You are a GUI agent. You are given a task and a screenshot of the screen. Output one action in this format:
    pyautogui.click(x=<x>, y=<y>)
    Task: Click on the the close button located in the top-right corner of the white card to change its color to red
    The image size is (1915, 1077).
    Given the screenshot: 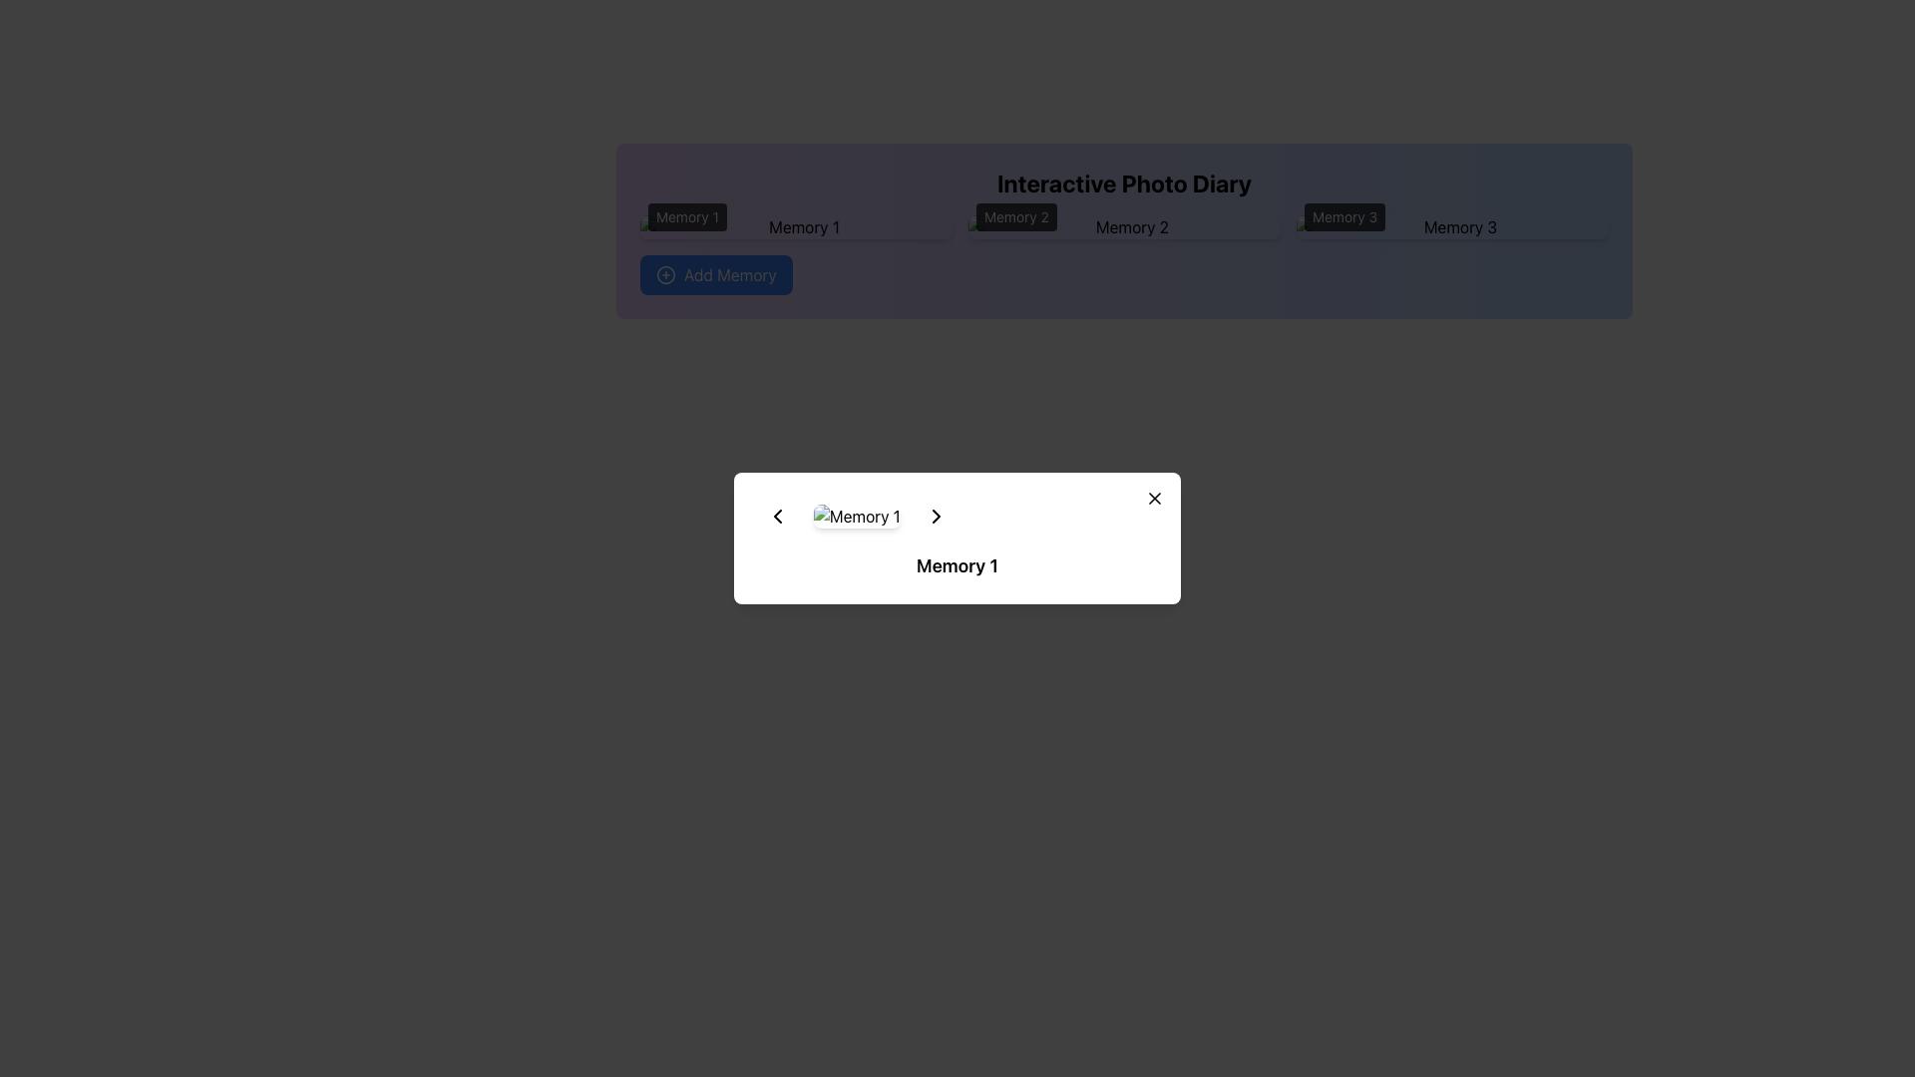 What is the action you would take?
    pyautogui.click(x=1154, y=498)
    